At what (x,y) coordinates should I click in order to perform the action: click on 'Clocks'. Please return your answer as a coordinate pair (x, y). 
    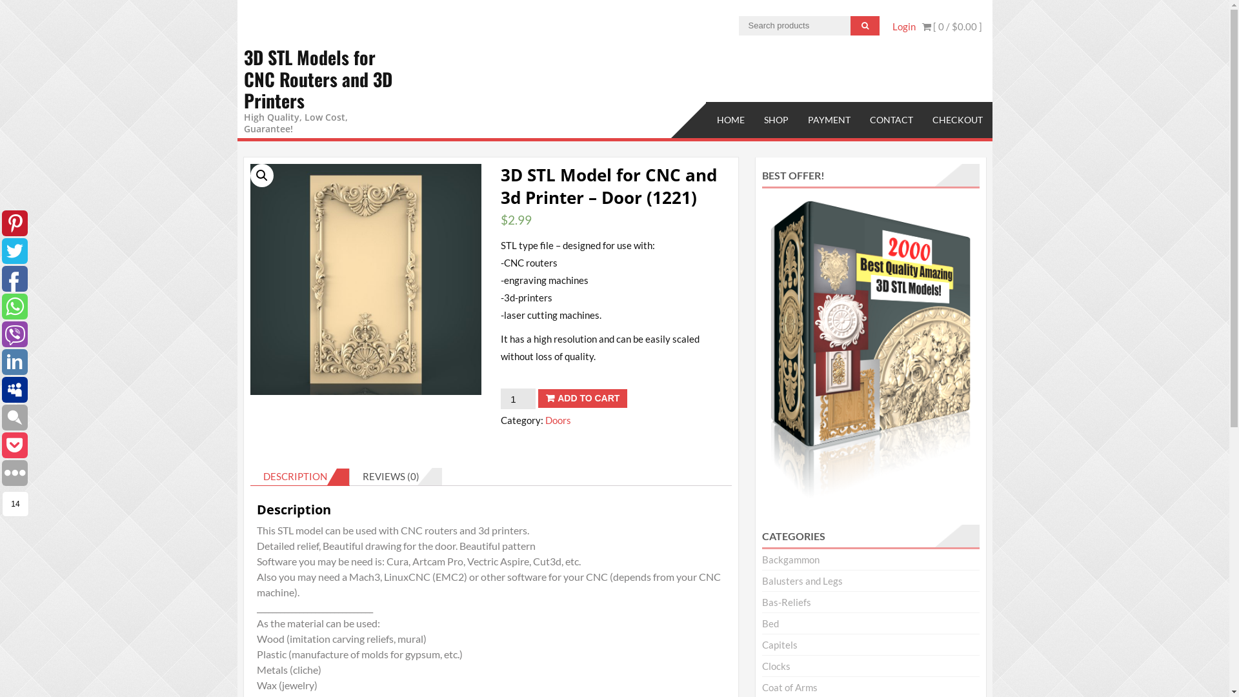
    Looking at the image, I should click on (776, 666).